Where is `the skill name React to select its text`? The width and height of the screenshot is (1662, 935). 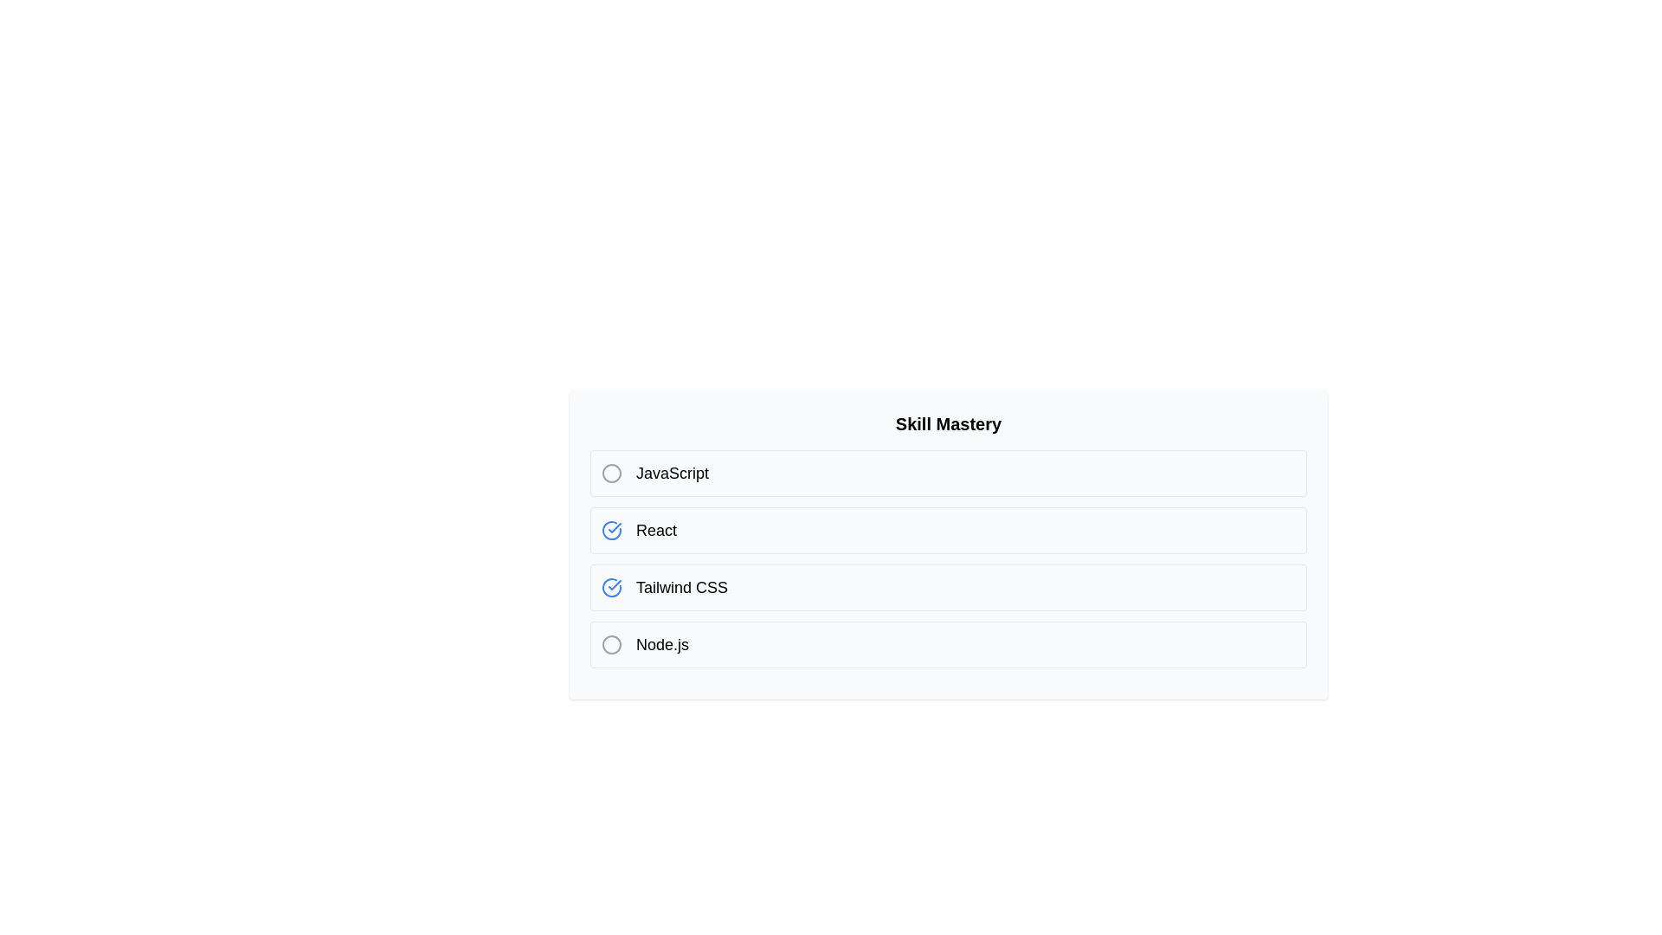
the skill name React to select its text is located at coordinates (655, 530).